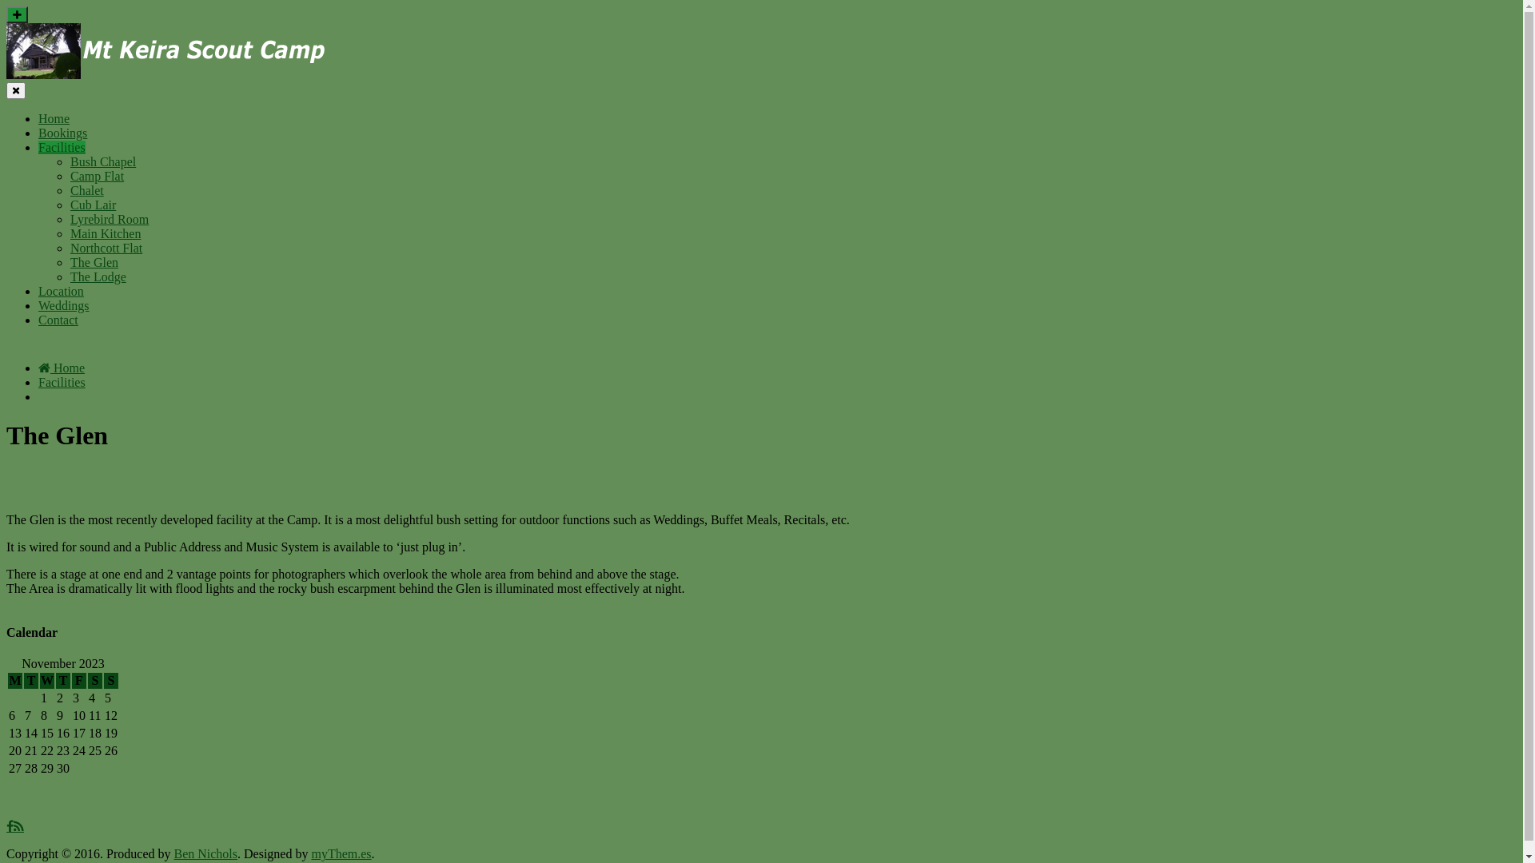  I want to click on 'Facilities', so click(38, 382).